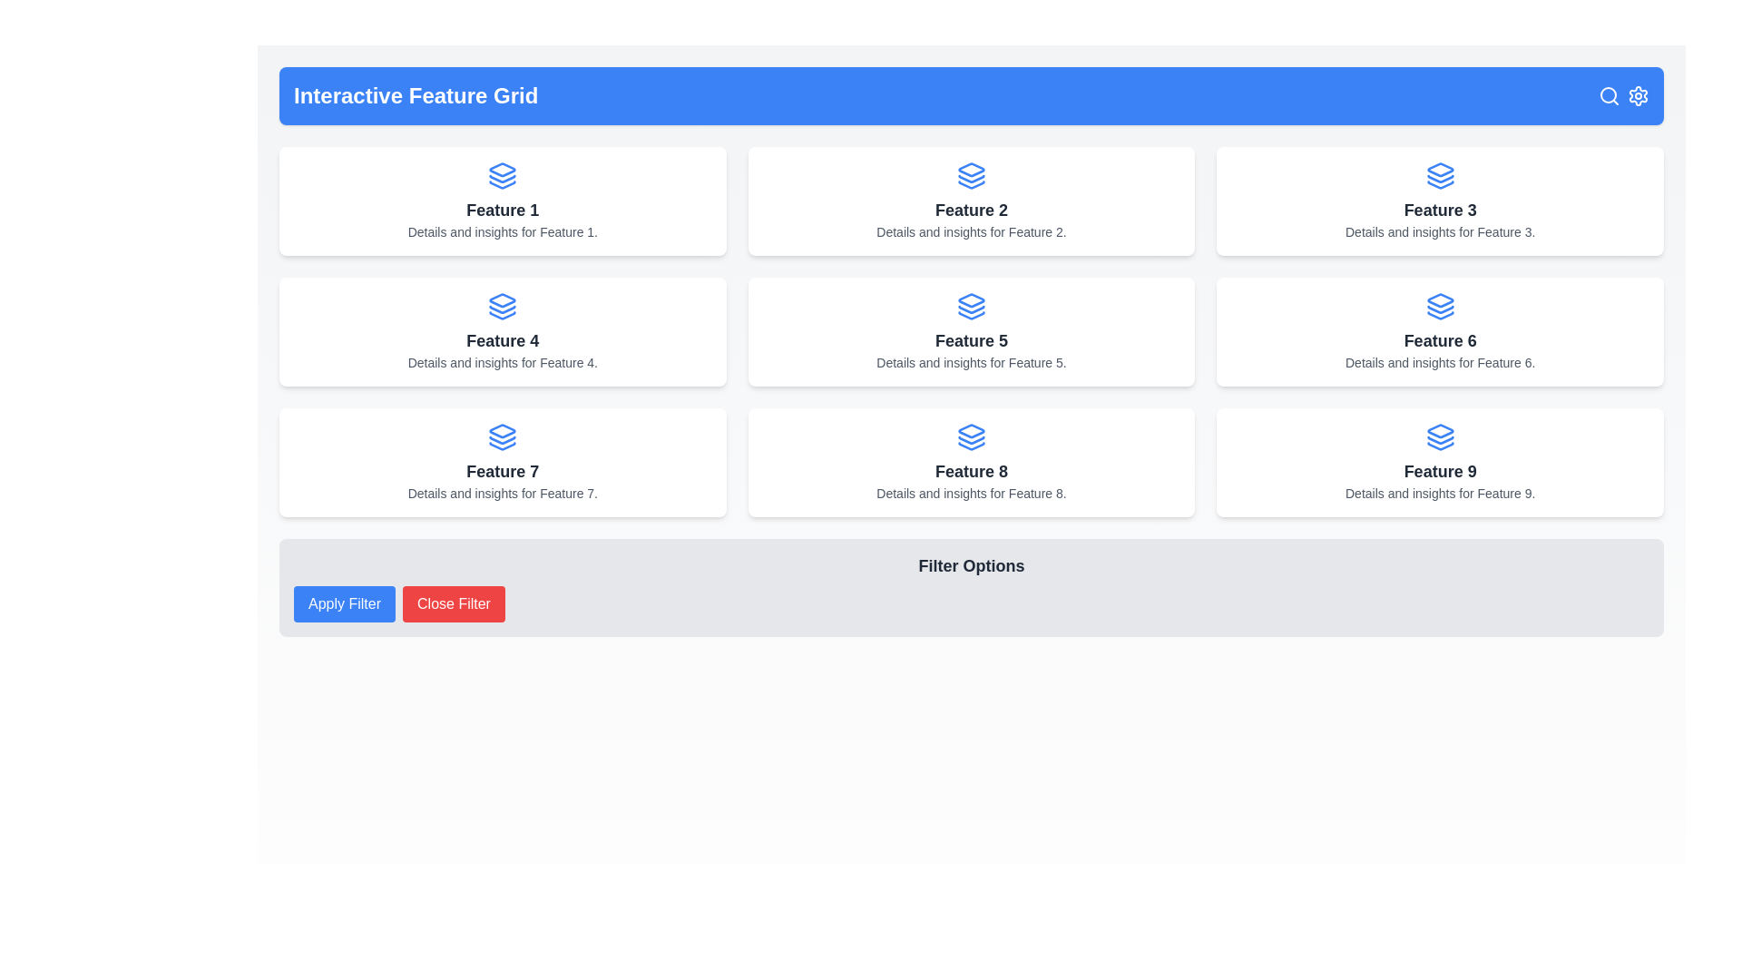 The image size is (1742, 980). Describe the element at coordinates (1439, 363) in the screenshot. I see `the text block containing the phrase 'Details and insights for Feature 6.' which is styled in gray and positioned below the bold text 'Feature 6' within a white card` at that location.